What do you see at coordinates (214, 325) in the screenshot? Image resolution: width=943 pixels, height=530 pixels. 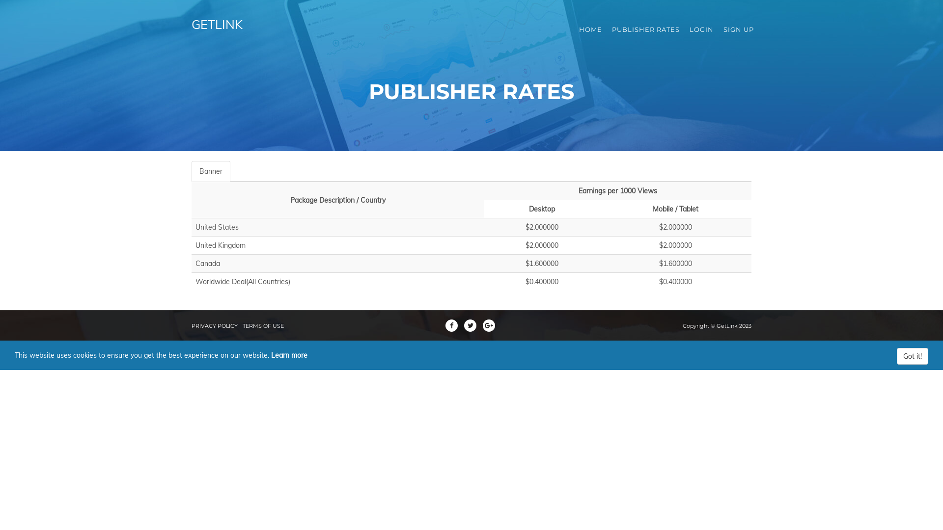 I see `'PRIVACY POLICY'` at bounding box center [214, 325].